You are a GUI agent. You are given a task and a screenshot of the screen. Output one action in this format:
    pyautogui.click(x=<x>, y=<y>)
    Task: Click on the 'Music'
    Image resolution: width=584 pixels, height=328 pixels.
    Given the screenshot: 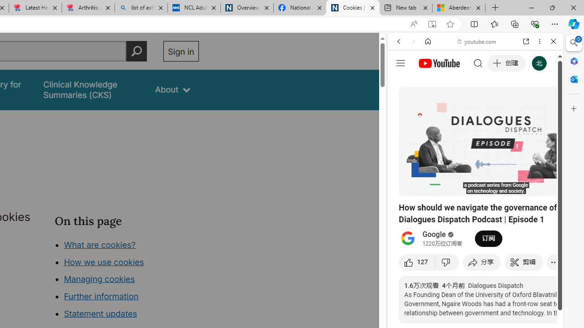 What is the action you would take?
    pyautogui.click(x=475, y=248)
    